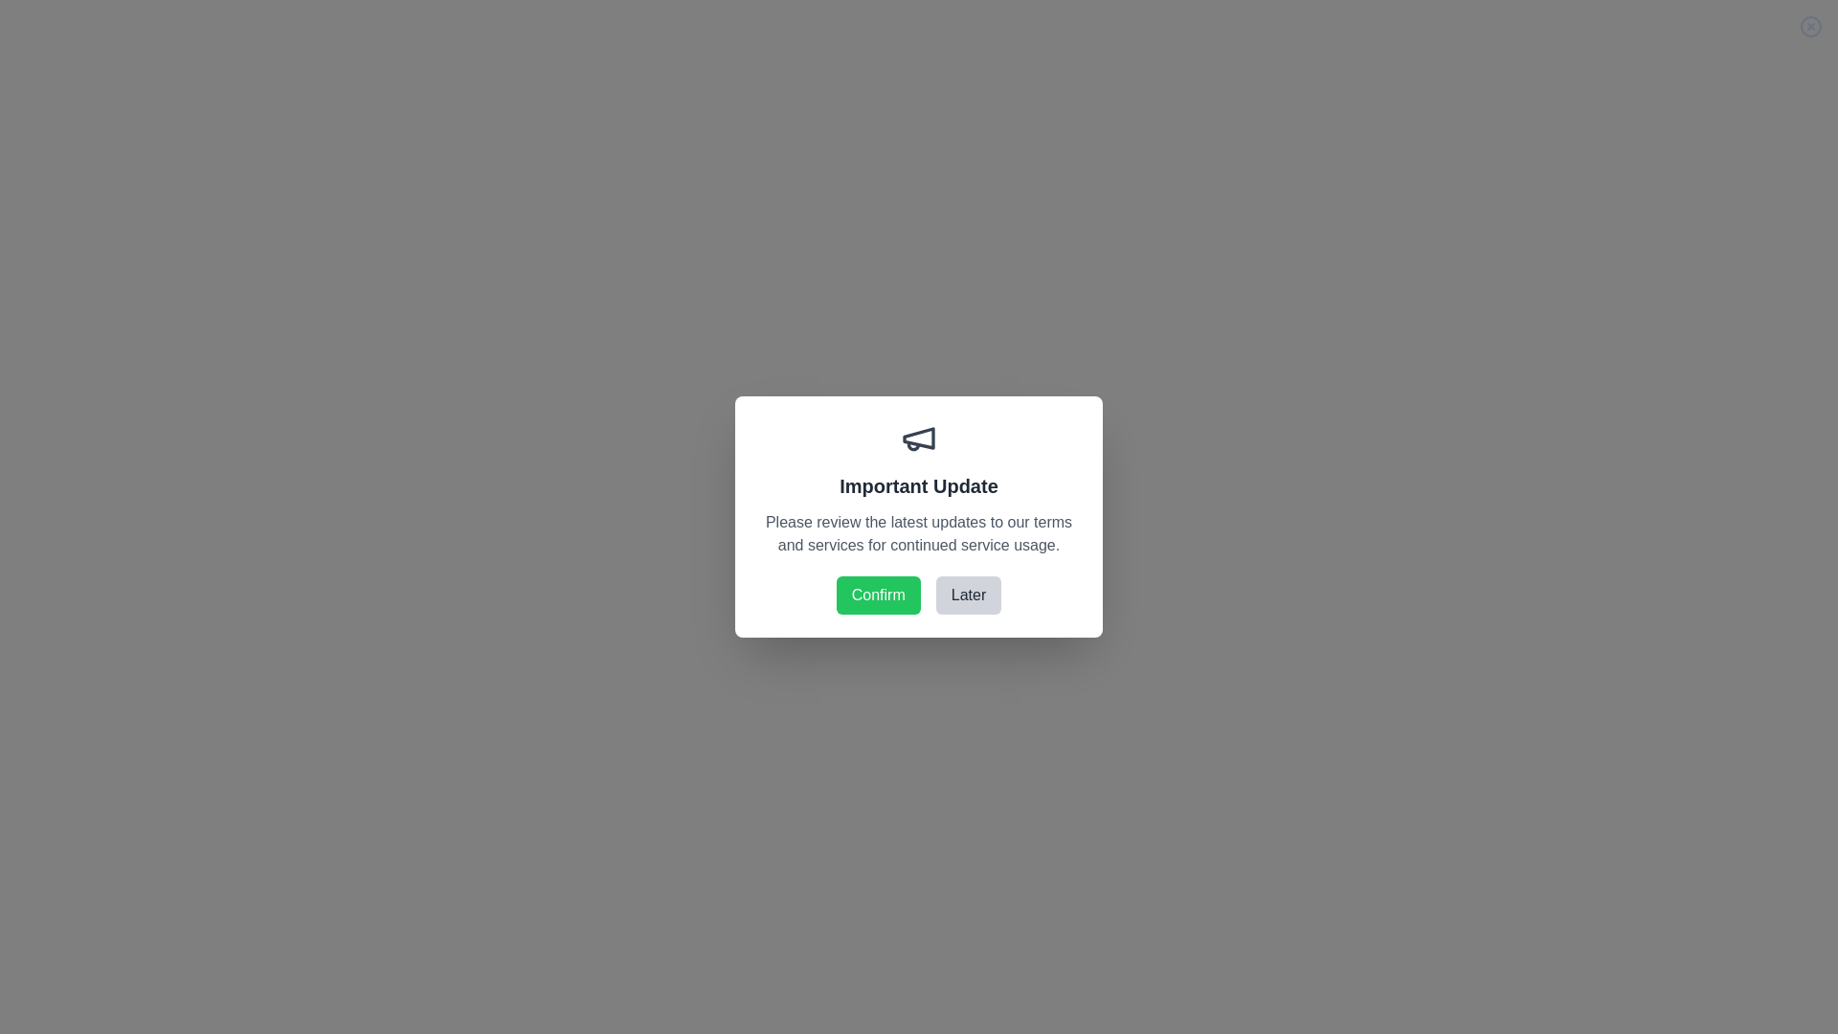 The image size is (1838, 1034). Describe the element at coordinates (969, 594) in the screenshot. I see `the 'Later' button to dismiss the dialog` at that location.